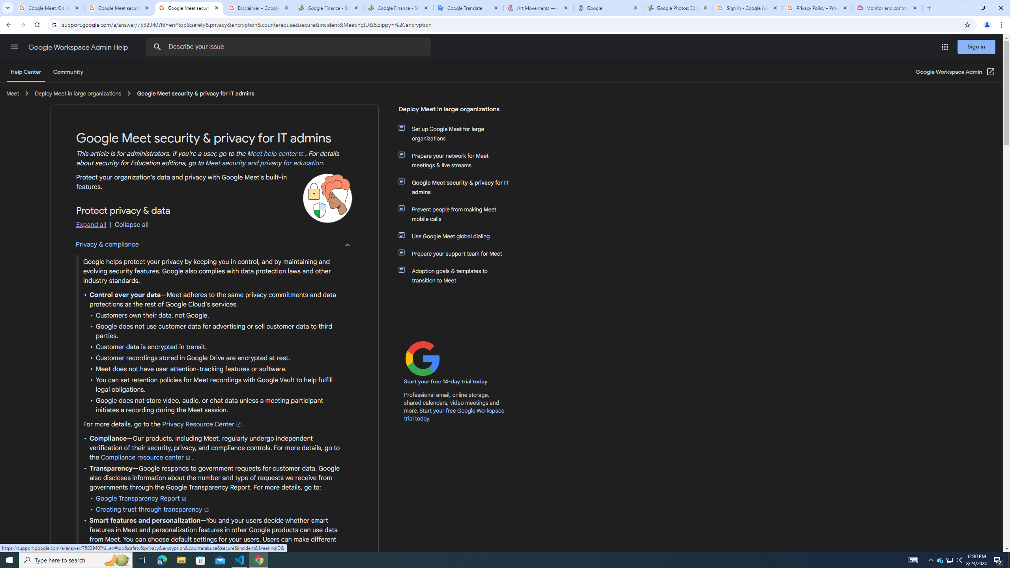 The height and width of the screenshot is (568, 1010). What do you see at coordinates (608, 7) in the screenshot?
I see `'Google'` at bounding box center [608, 7].